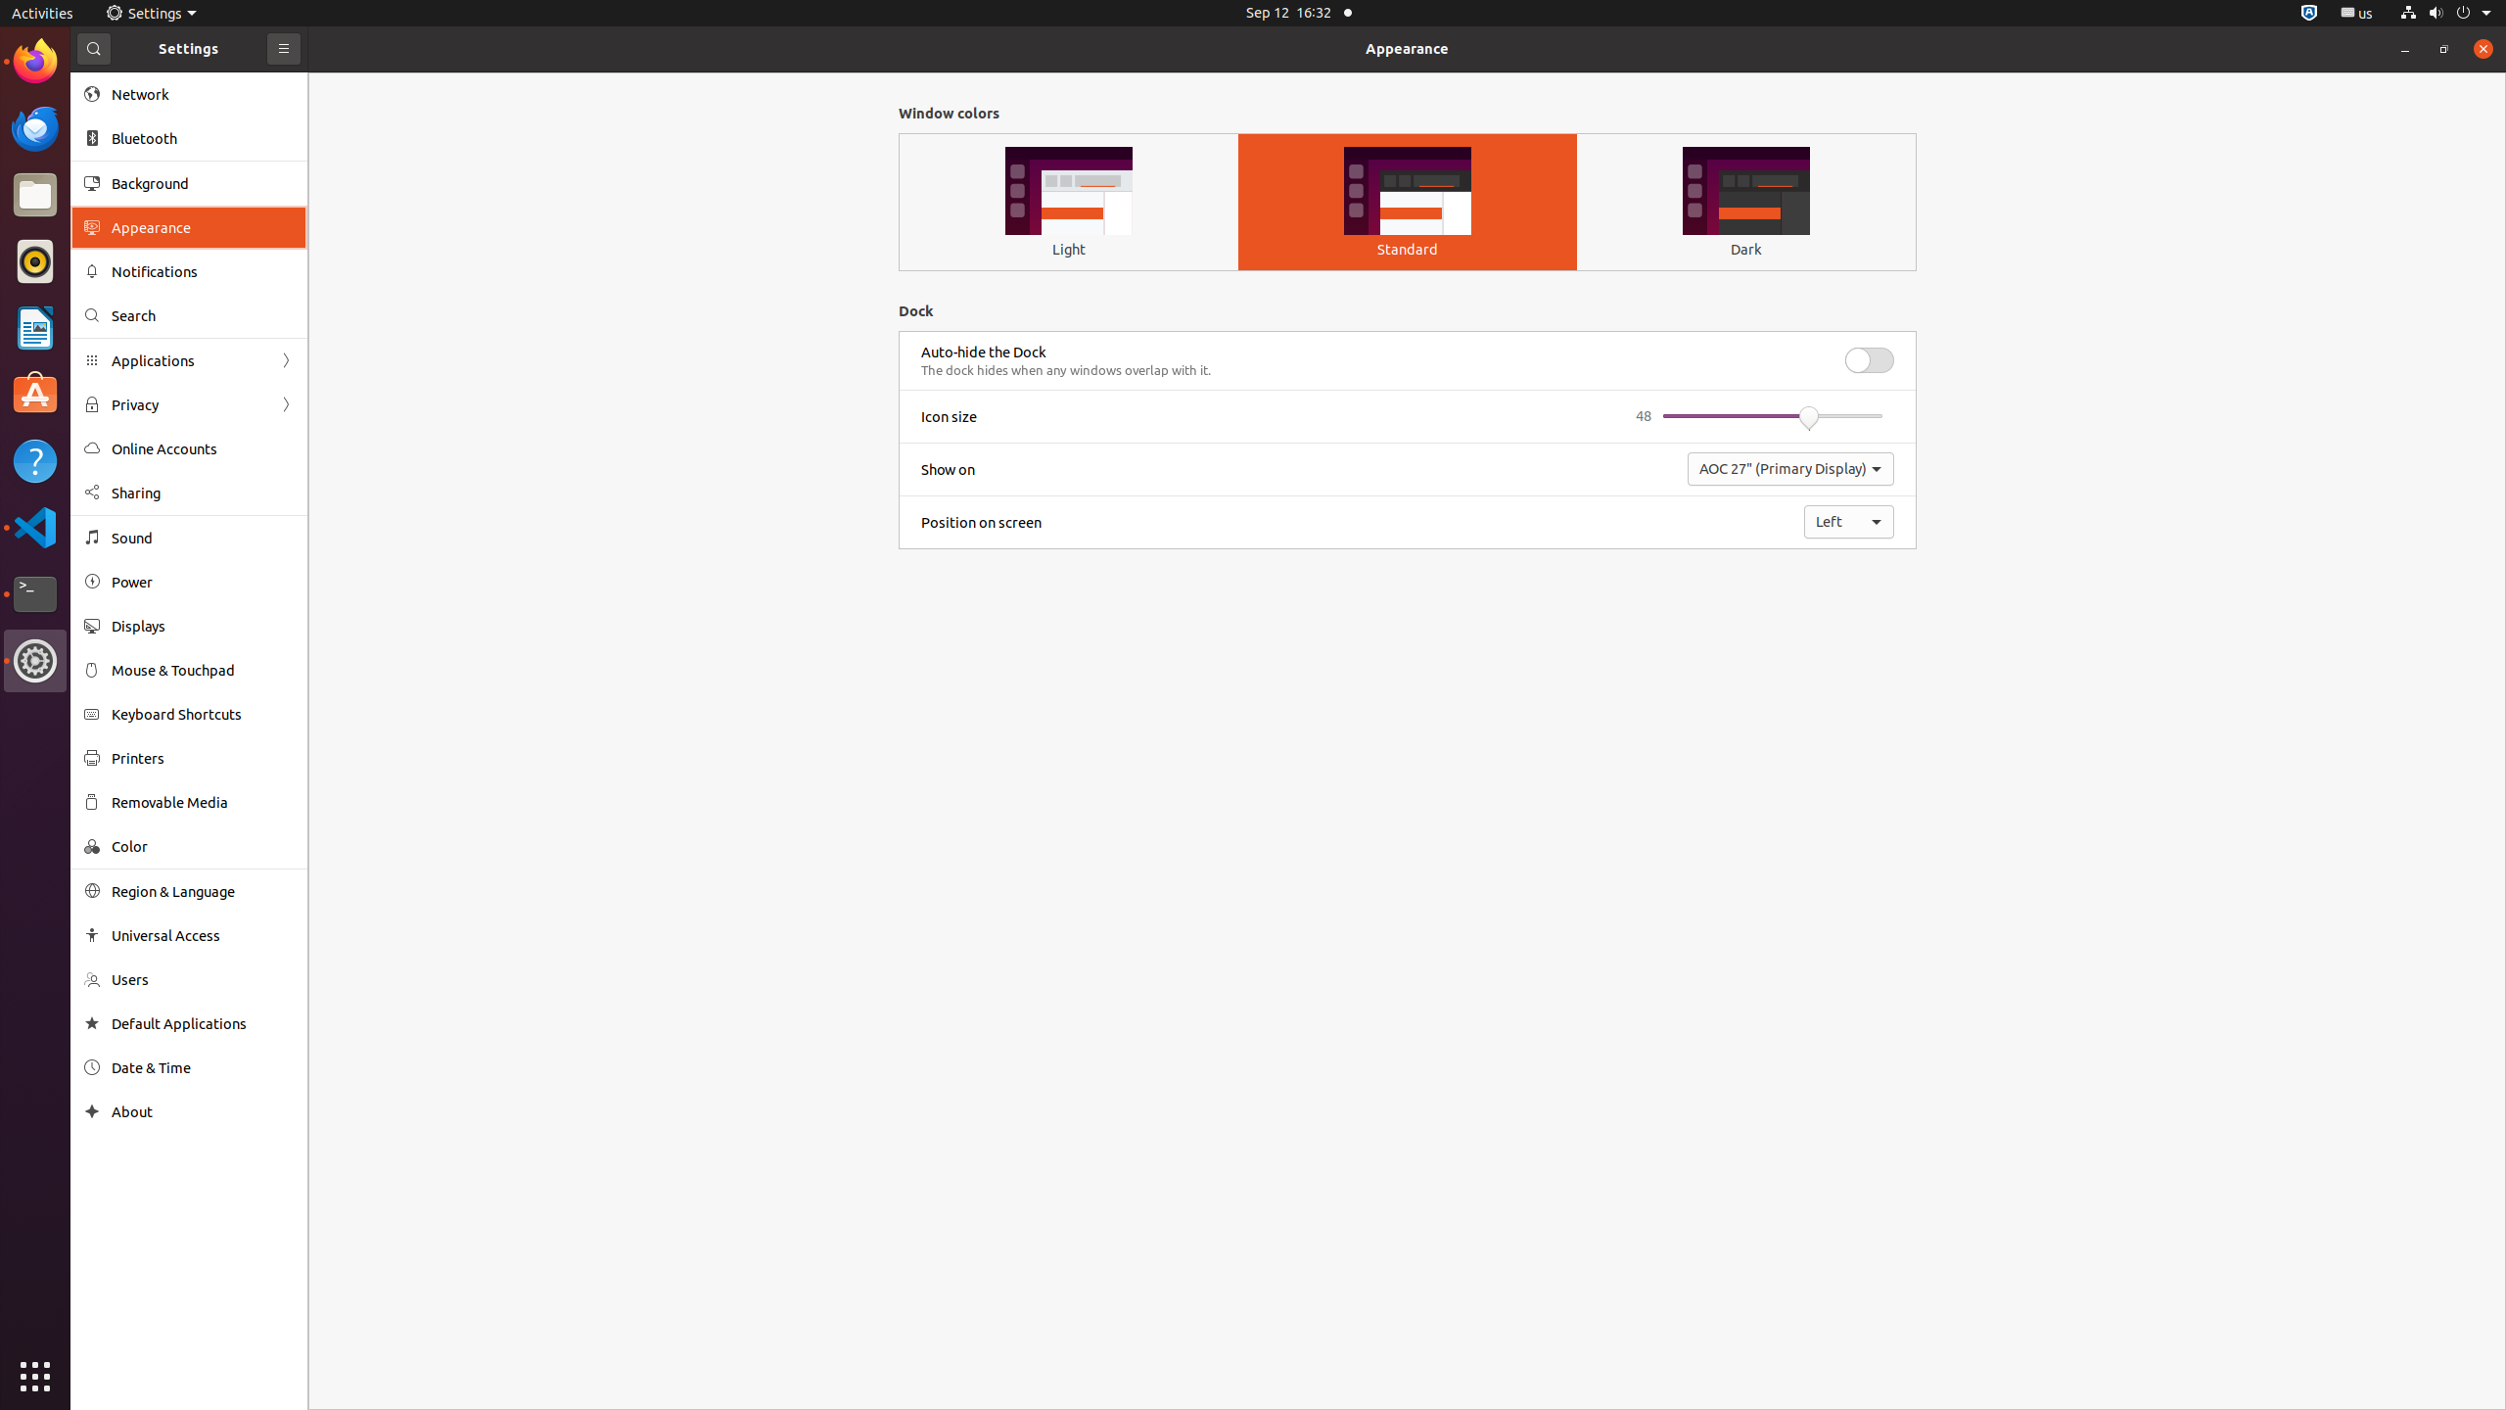 This screenshot has height=1410, width=2506. Describe the element at coordinates (203, 757) in the screenshot. I see `'Printers'` at that location.